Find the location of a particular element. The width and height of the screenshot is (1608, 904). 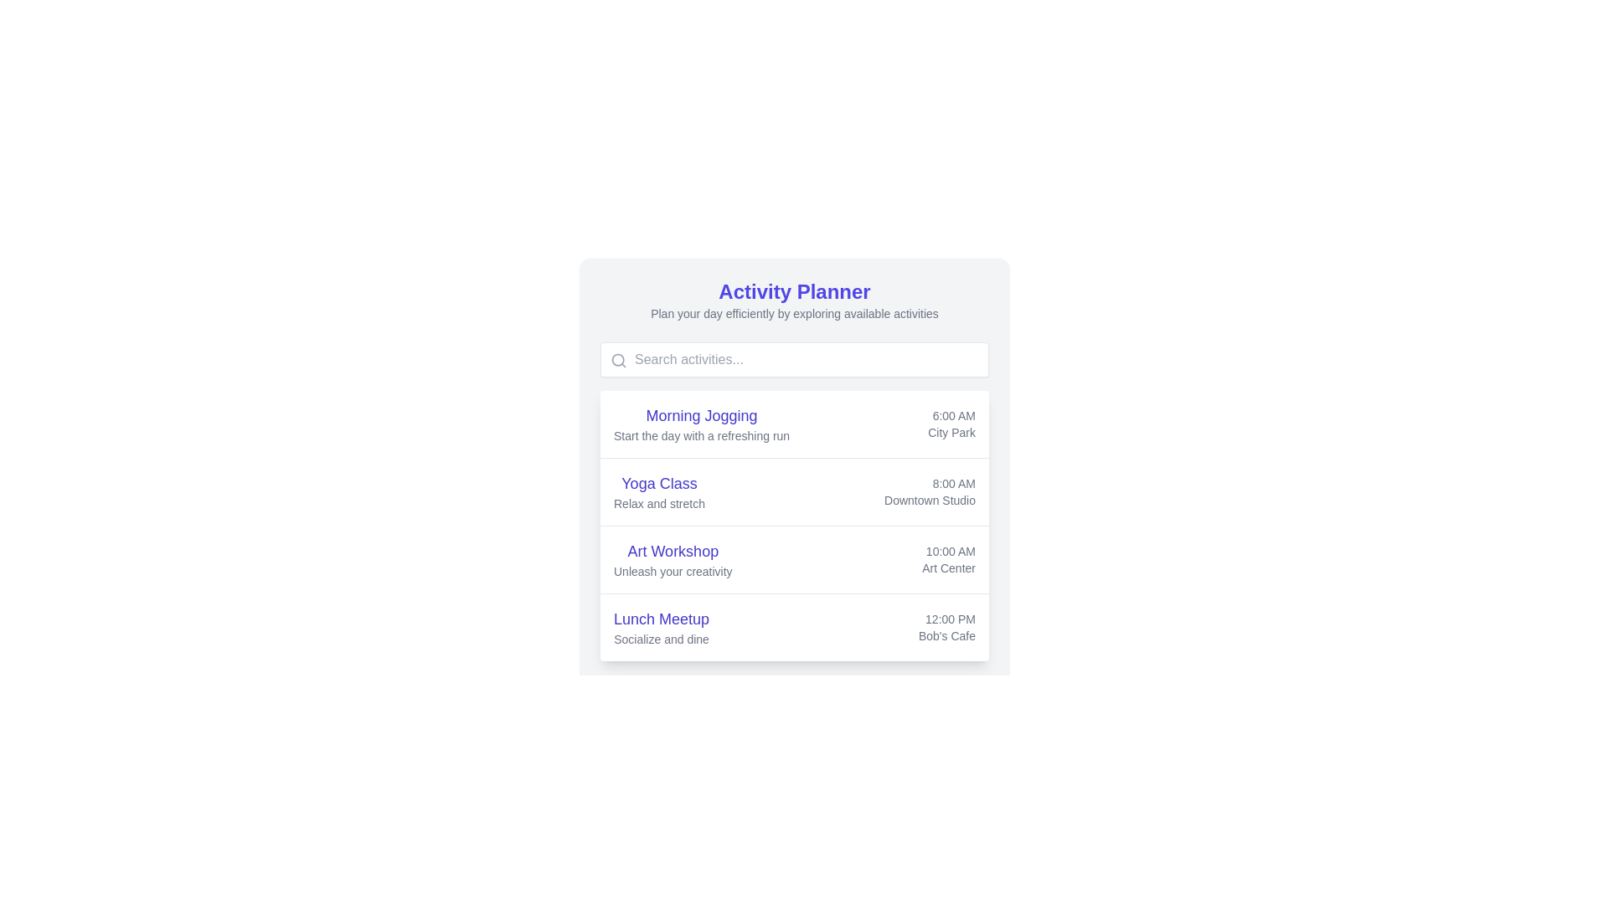

the 'Art Workshop' title text label, the third activity in the vertical list of activities, for accessibility purposes is located at coordinates (673, 552).